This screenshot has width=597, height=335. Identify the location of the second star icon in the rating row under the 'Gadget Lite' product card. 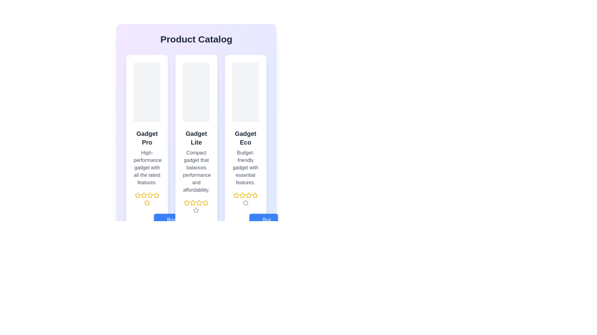
(196, 210).